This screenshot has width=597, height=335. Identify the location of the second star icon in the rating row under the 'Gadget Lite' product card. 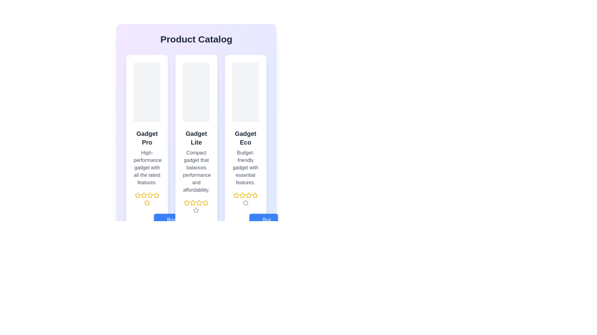
(196, 210).